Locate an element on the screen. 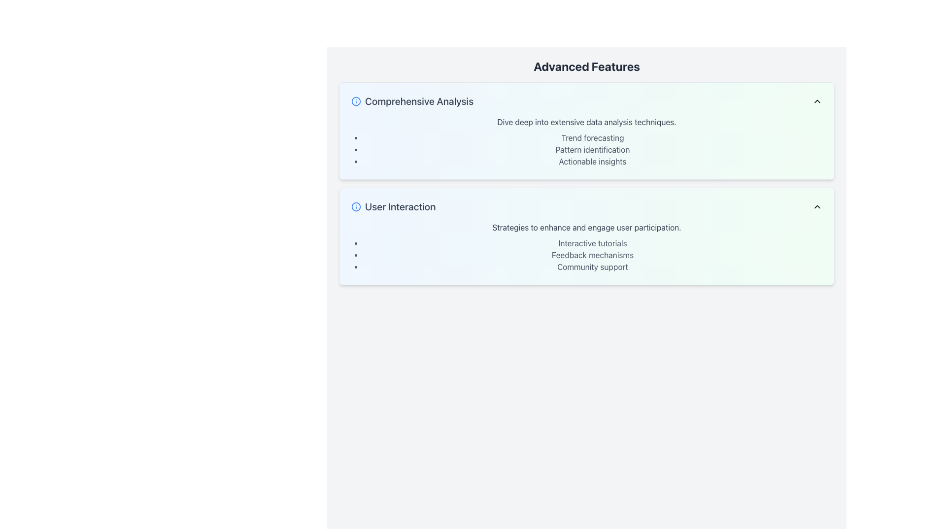  the 'Community support' text item, which is the last item in the vertical bulleted list under the 'User Interaction' section is located at coordinates (592, 267).